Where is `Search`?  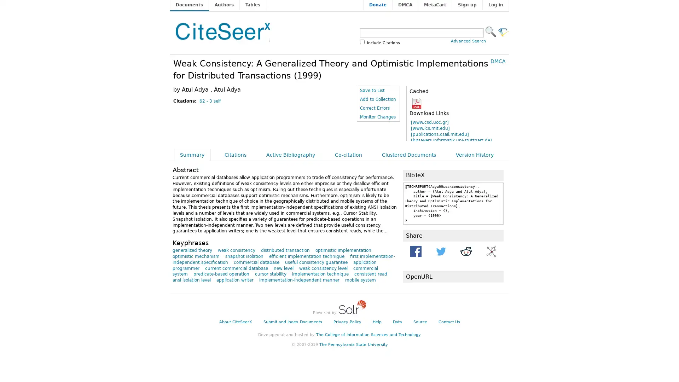 Search is located at coordinates (490, 31).